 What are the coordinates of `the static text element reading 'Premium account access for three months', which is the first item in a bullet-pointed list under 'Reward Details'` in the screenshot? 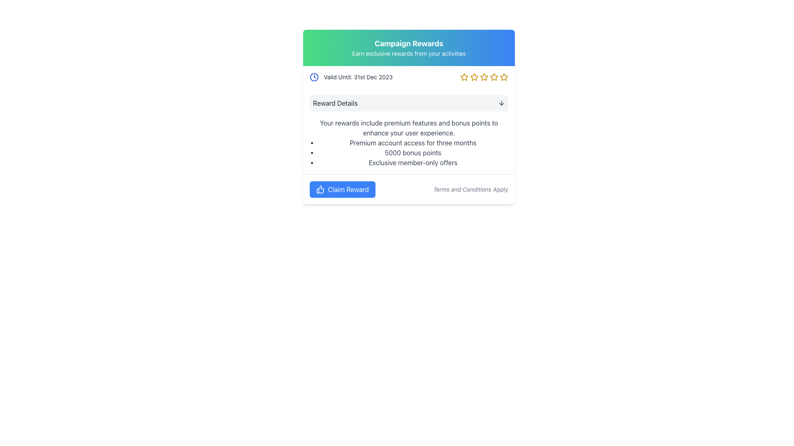 It's located at (413, 142).